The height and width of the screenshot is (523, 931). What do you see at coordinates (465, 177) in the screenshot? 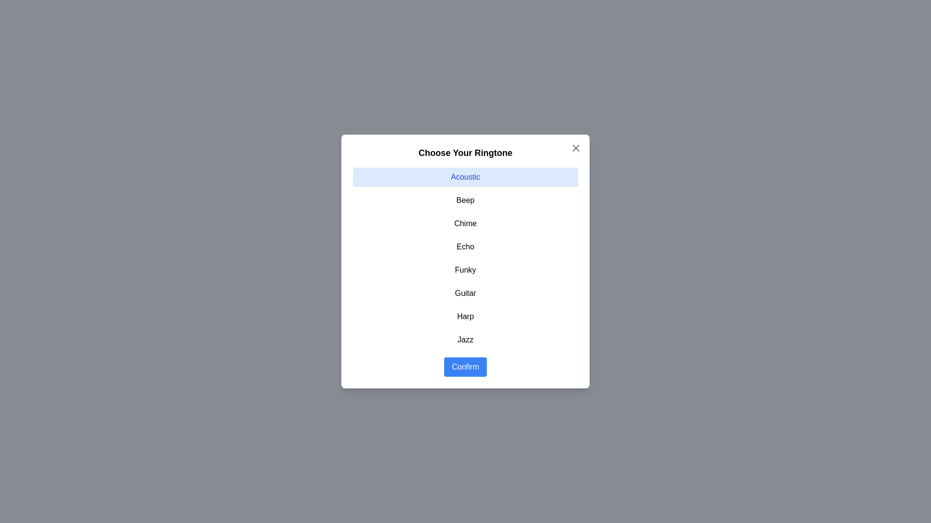
I see `the ringtone Acoustic from the list` at bounding box center [465, 177].